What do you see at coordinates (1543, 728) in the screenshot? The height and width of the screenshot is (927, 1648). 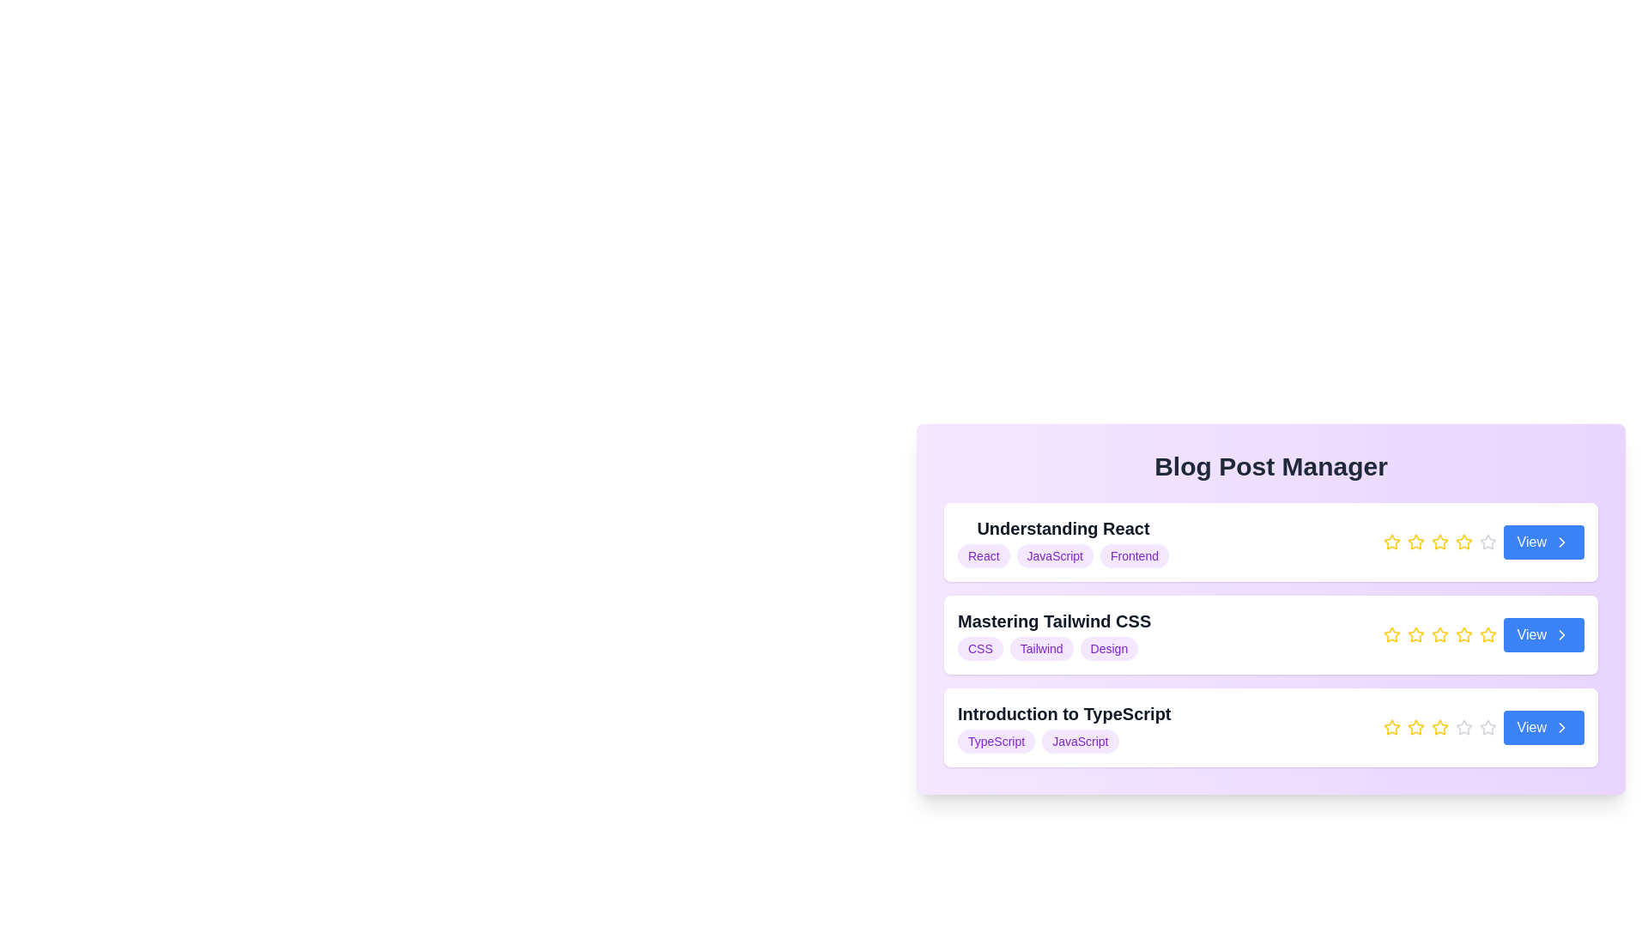 I see `the 'View' button located at the bottom right of the 'Introduction to TypeScript' card` at bounding box center [1543, 728].